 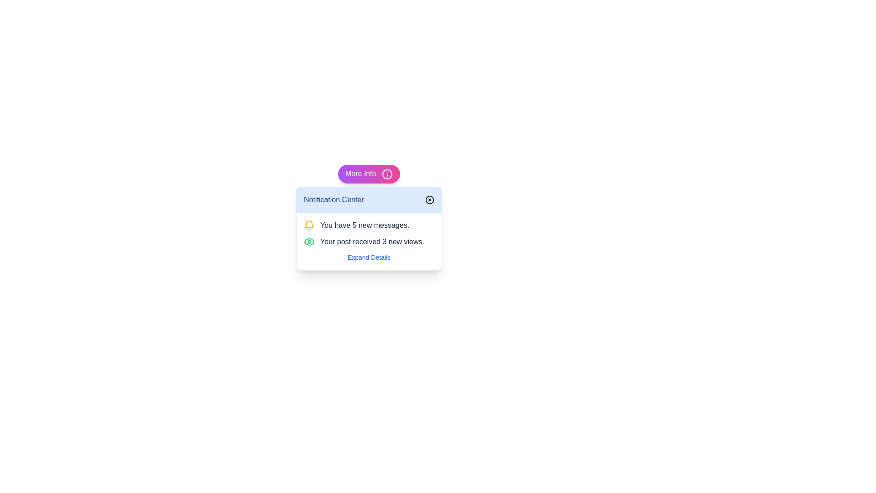 What do you see at coordinates (369, 225) in the screenshot?
I see `the Notification Row that informs the user about the number of new messages they have received, located in the upper section of a notification card` at bounding box center [369, 225].